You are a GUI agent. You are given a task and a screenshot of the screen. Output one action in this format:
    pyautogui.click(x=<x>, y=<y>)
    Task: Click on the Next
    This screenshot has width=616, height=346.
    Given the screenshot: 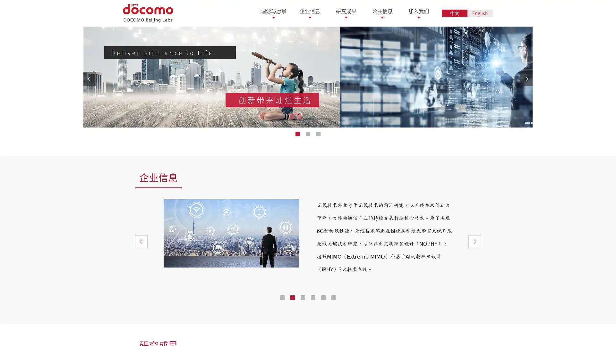 What is the action you would take?
    pyautogui.click(x=526, y=117)
    